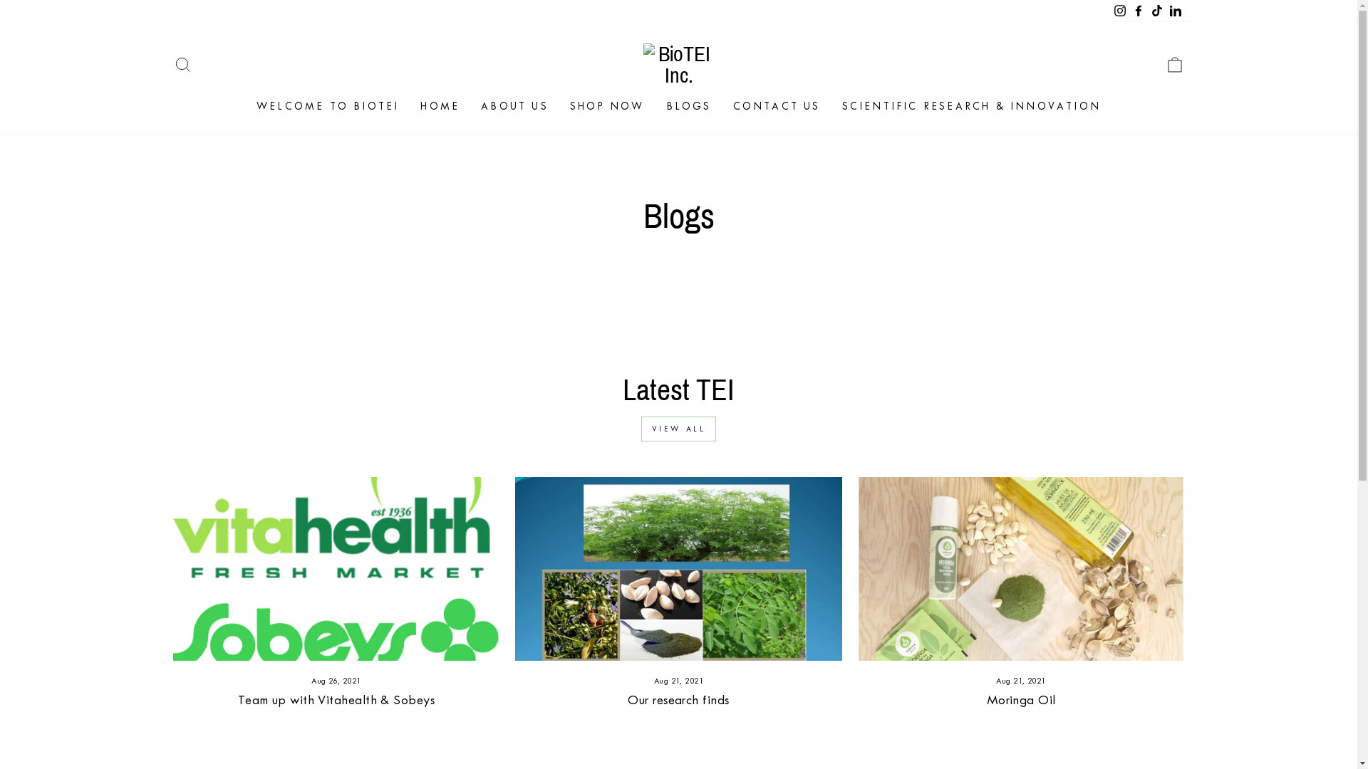  I want to click on 'TikTok', so click(1156, 11).